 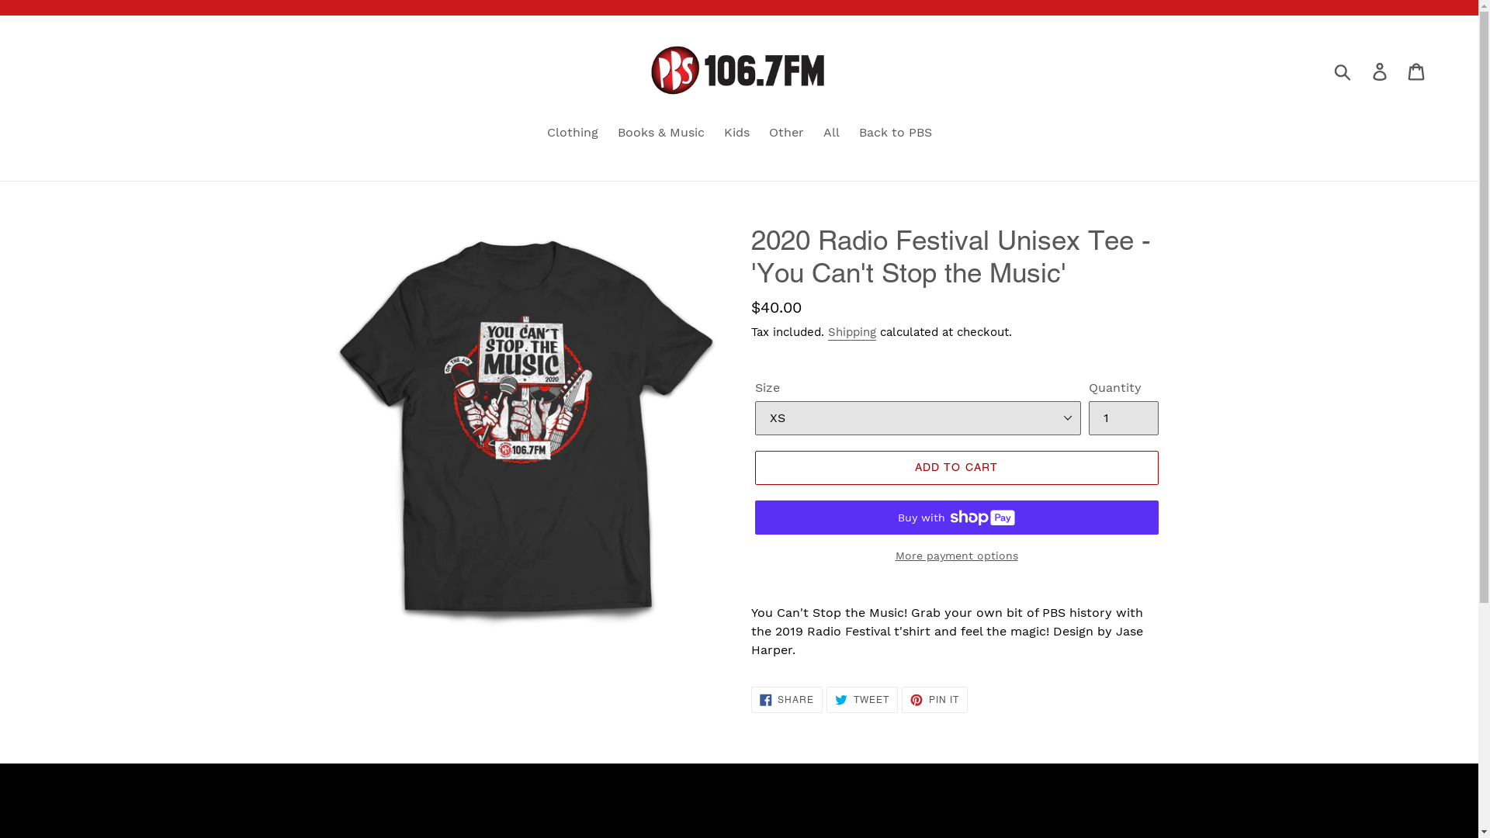 I want to click on 'Books & Music', so click(x=660, y=133).